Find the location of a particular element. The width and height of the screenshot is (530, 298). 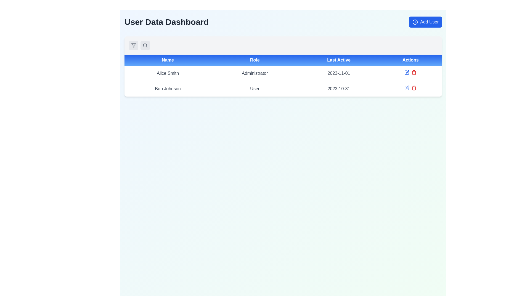

the small blue icon resembling a pen or pencil in the 'Actions' column of the second row in the table is located at coordinates (407, 88).